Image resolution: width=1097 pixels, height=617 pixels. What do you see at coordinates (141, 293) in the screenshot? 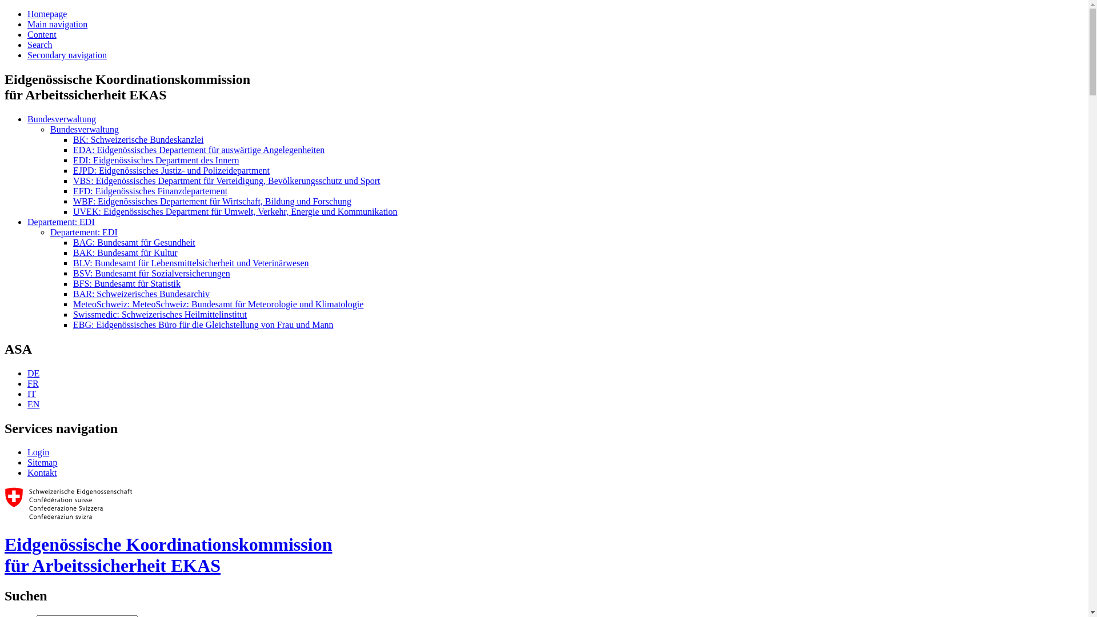
I see `'BAR: Schweizerisches Bundesarchiv'` at bounding box center [141, 293].